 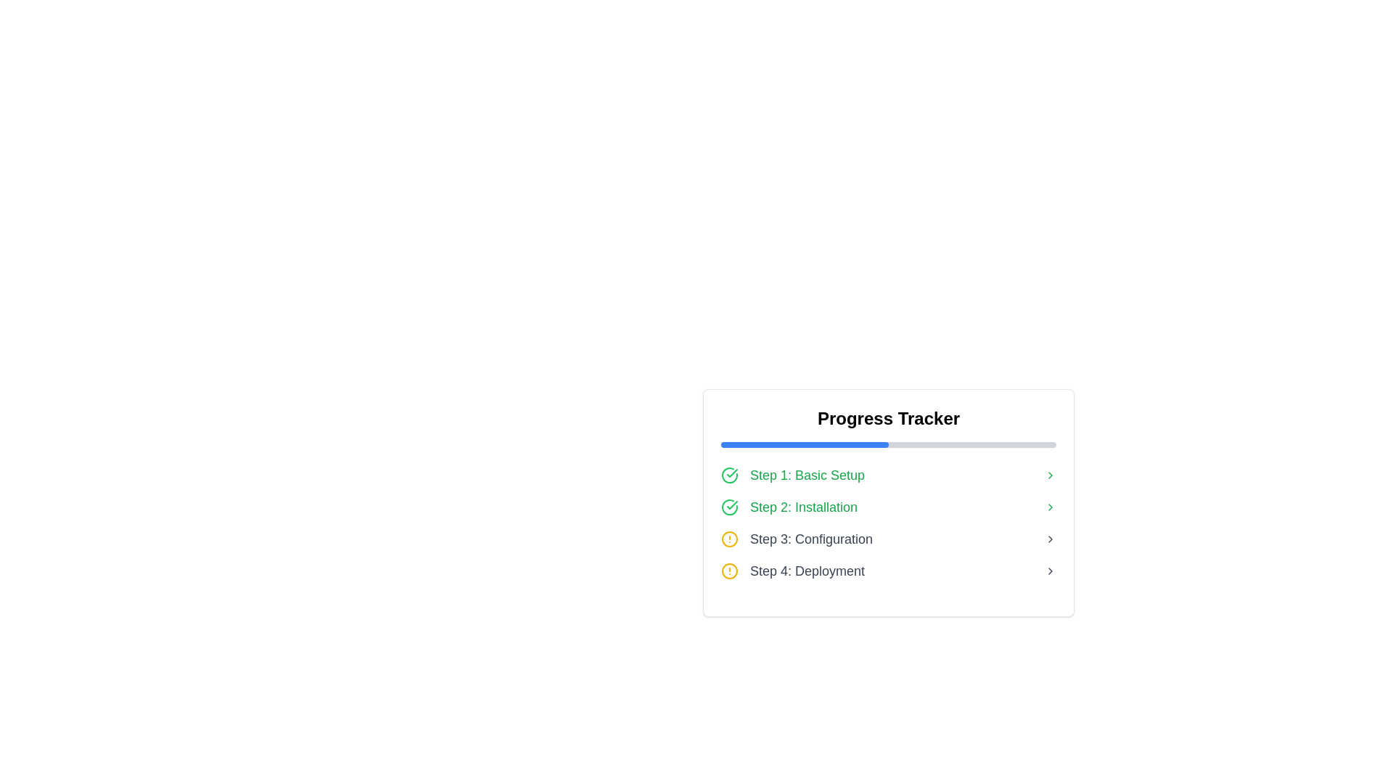 What do you see at coordinates (730, 570) in the screenshot?
I see `the circular outline of the SVG Graphic Element that indicates the progress step state for 'Step 4: Deployment'` at bounding box center [730, 570].